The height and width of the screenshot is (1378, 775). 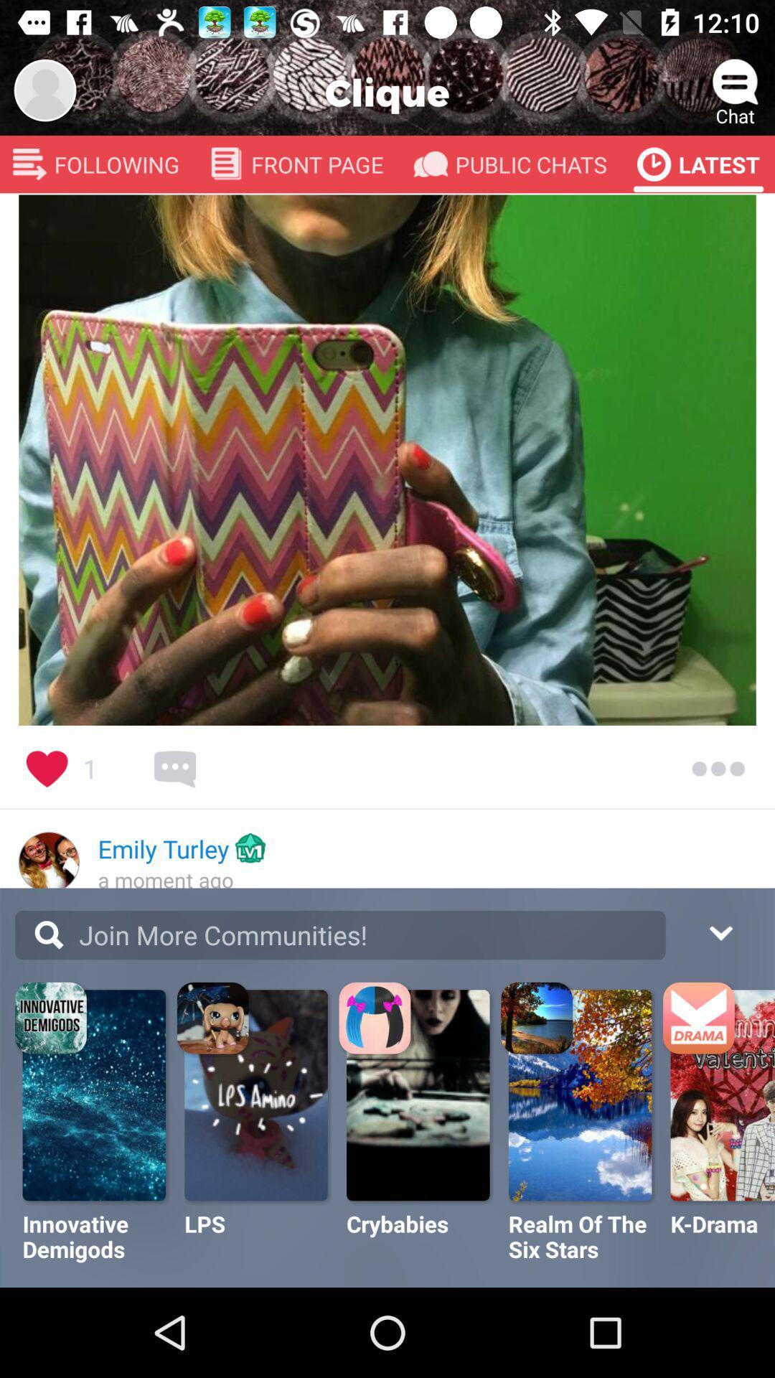 What do you see at coordinates (96, 1095) in the screenshot?
I see `the image on top of innovative demigods text` at bounding box center [96, 1095].